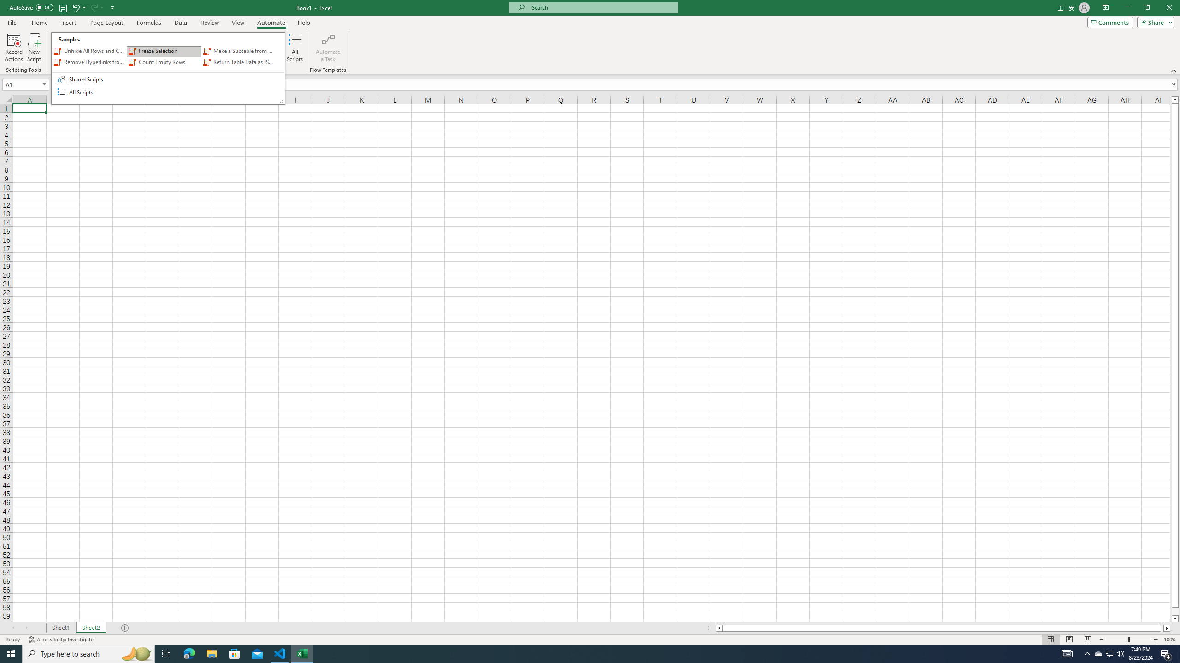 This screenshot has height=663, width=1180. What do you see at coordinates (271, 23) in the screenshot?
I see `'Automate'` at bounding box center [271, 23].